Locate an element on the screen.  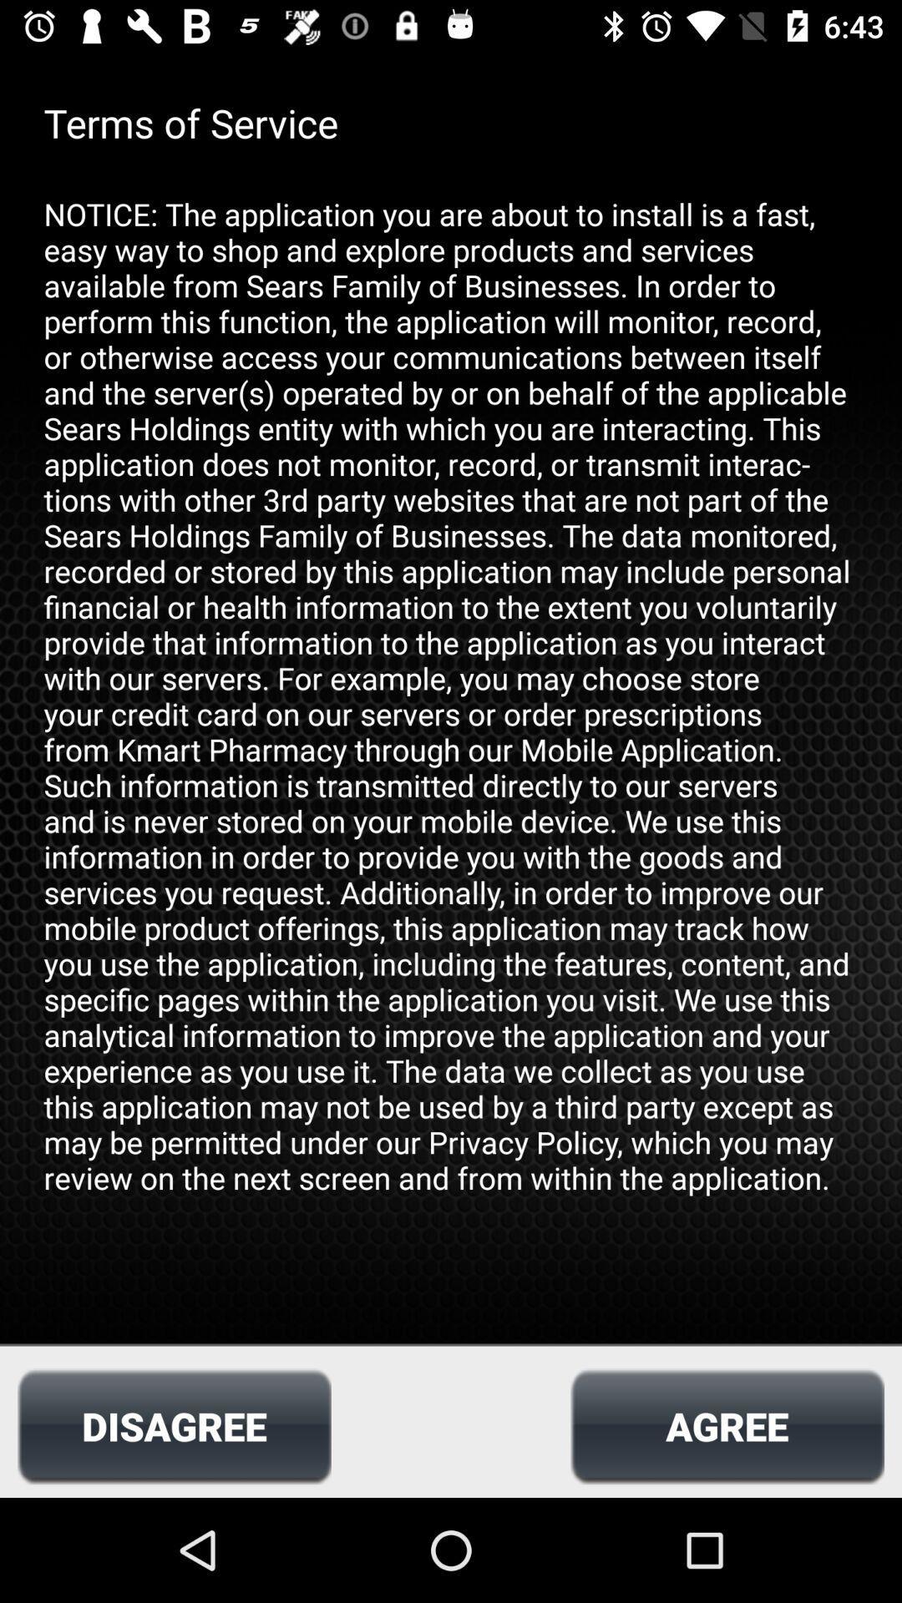
the icon next to agree item is located at coordinates (174, 1425).